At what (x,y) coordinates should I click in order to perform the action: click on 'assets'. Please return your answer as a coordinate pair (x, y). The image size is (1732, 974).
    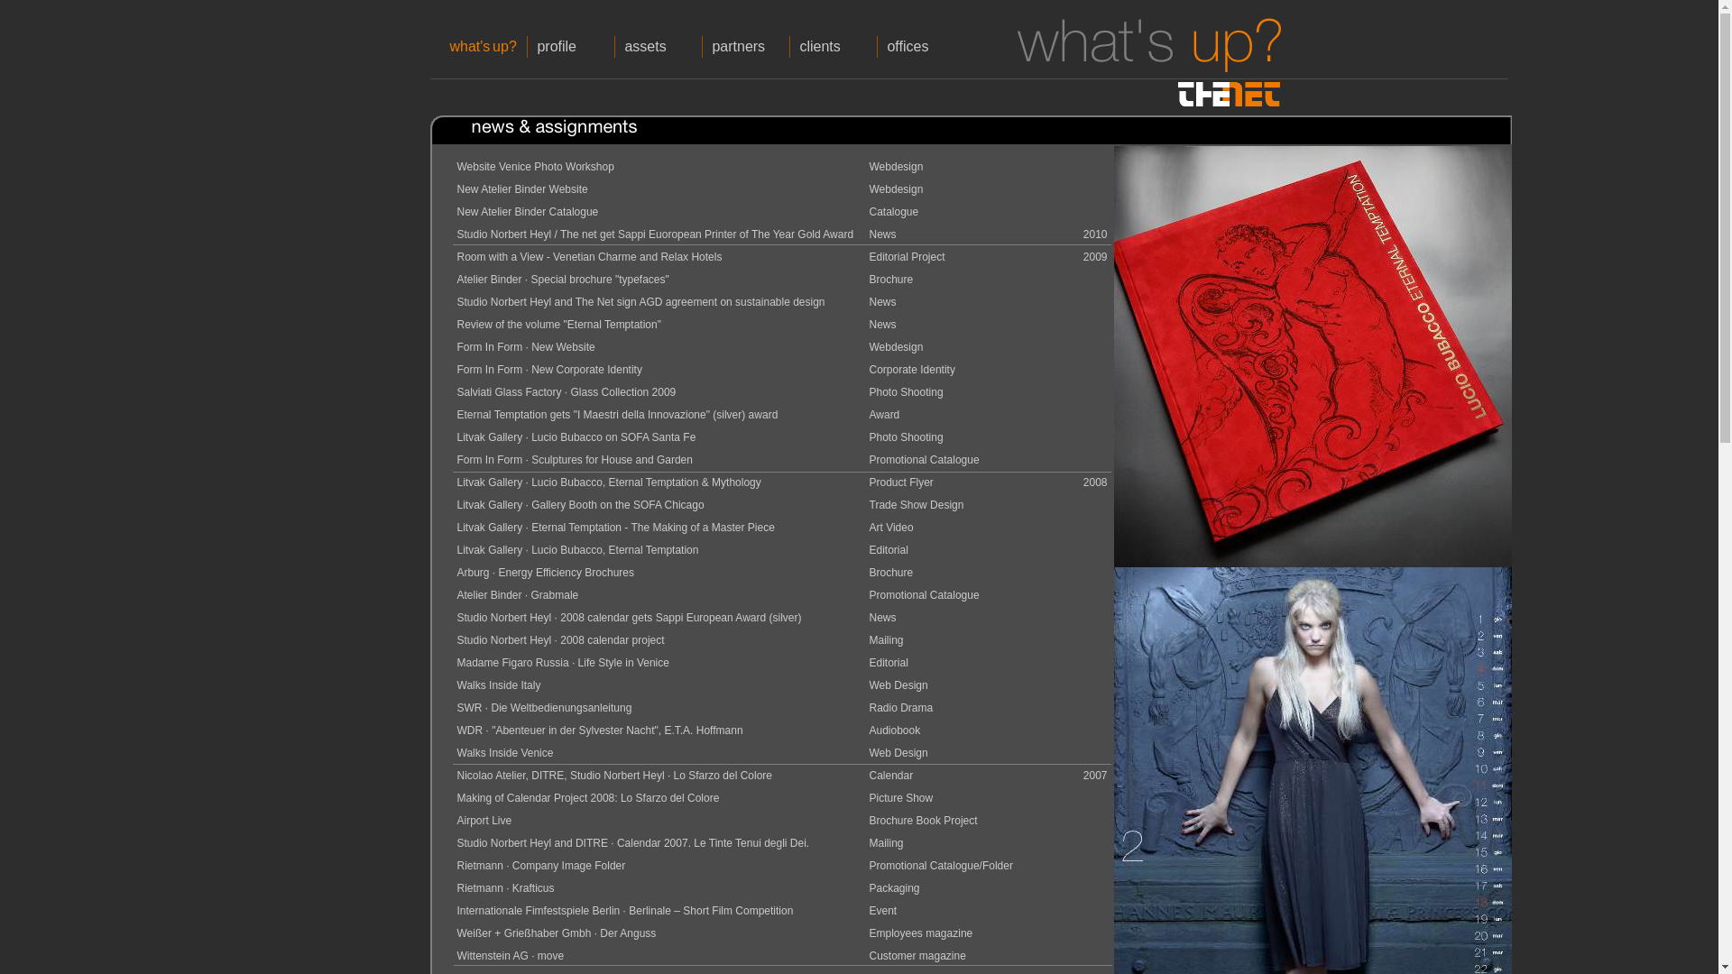
    Looking at the image, I should click on (657, 45).